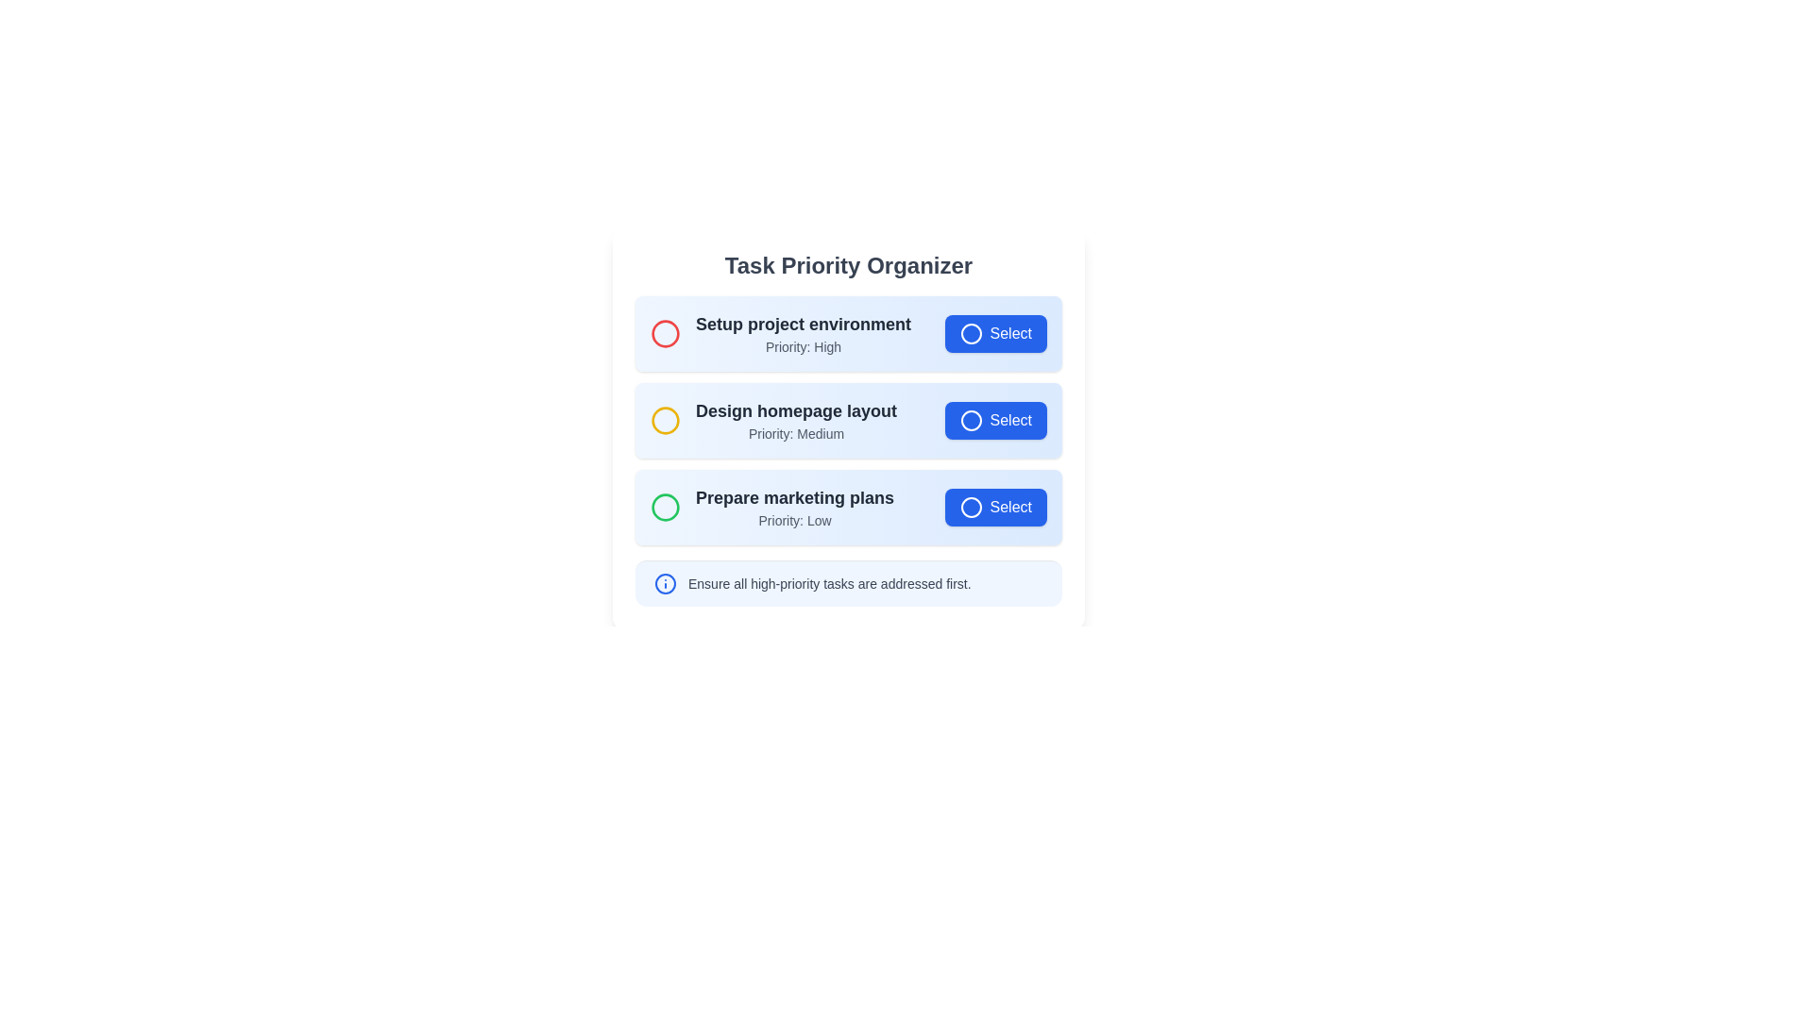 This screenshot has width=1813, height=1019. What do you see at coordinates (780, 333) in the screenshot?
I see `text 'Setup project environment' with priority 'High' from the first task item in the Task Priority Organizer card` at bounding box center [780, 333].